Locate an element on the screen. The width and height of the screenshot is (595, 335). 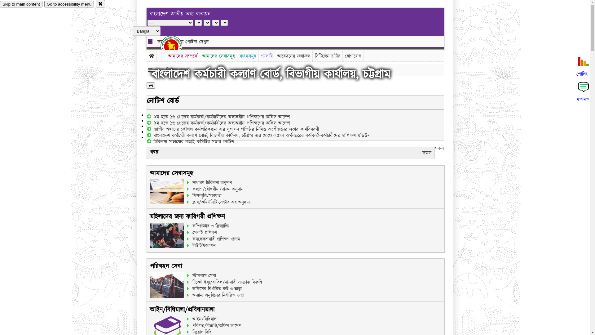
'Skip to main content' is located at coordinates (0, 4).